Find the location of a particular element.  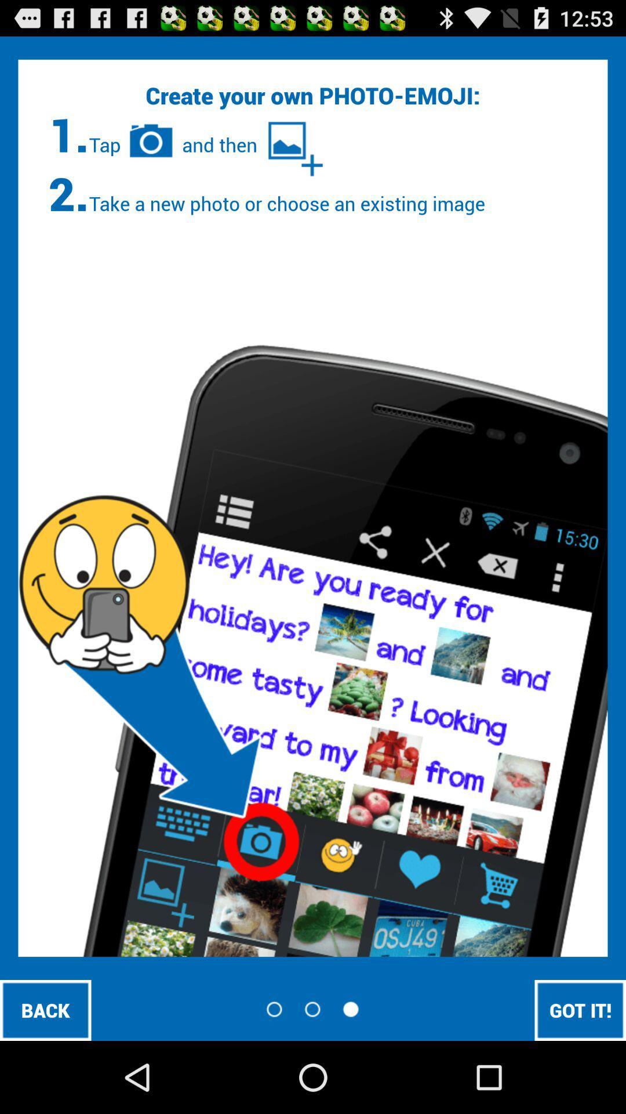

icon at the bottom right corner is located at coordinates (580, 1010).